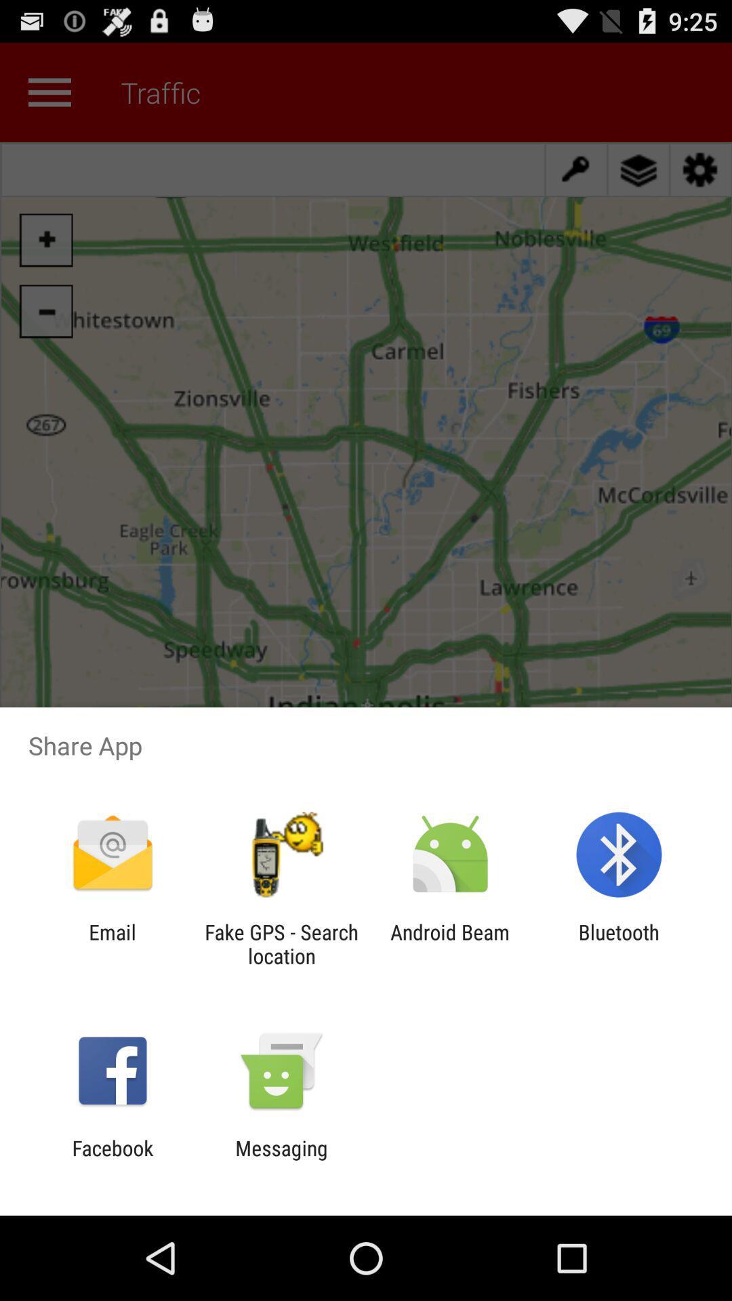  Describe the element at coordinates (281, 943) in the screenshot. I see `fake gps search item` at that location.